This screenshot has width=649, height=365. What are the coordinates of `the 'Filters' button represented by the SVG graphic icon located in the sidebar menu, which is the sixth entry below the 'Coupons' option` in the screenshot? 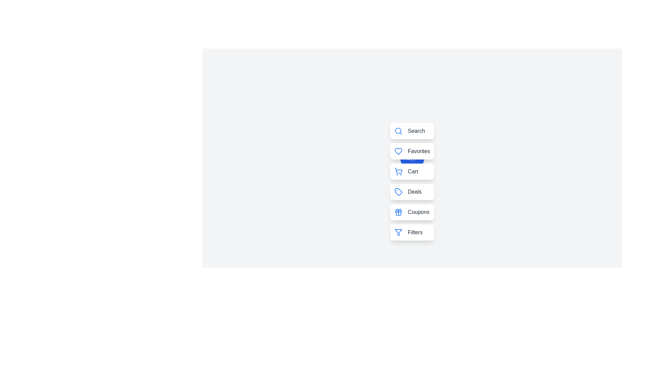 It's located at (398, 232).